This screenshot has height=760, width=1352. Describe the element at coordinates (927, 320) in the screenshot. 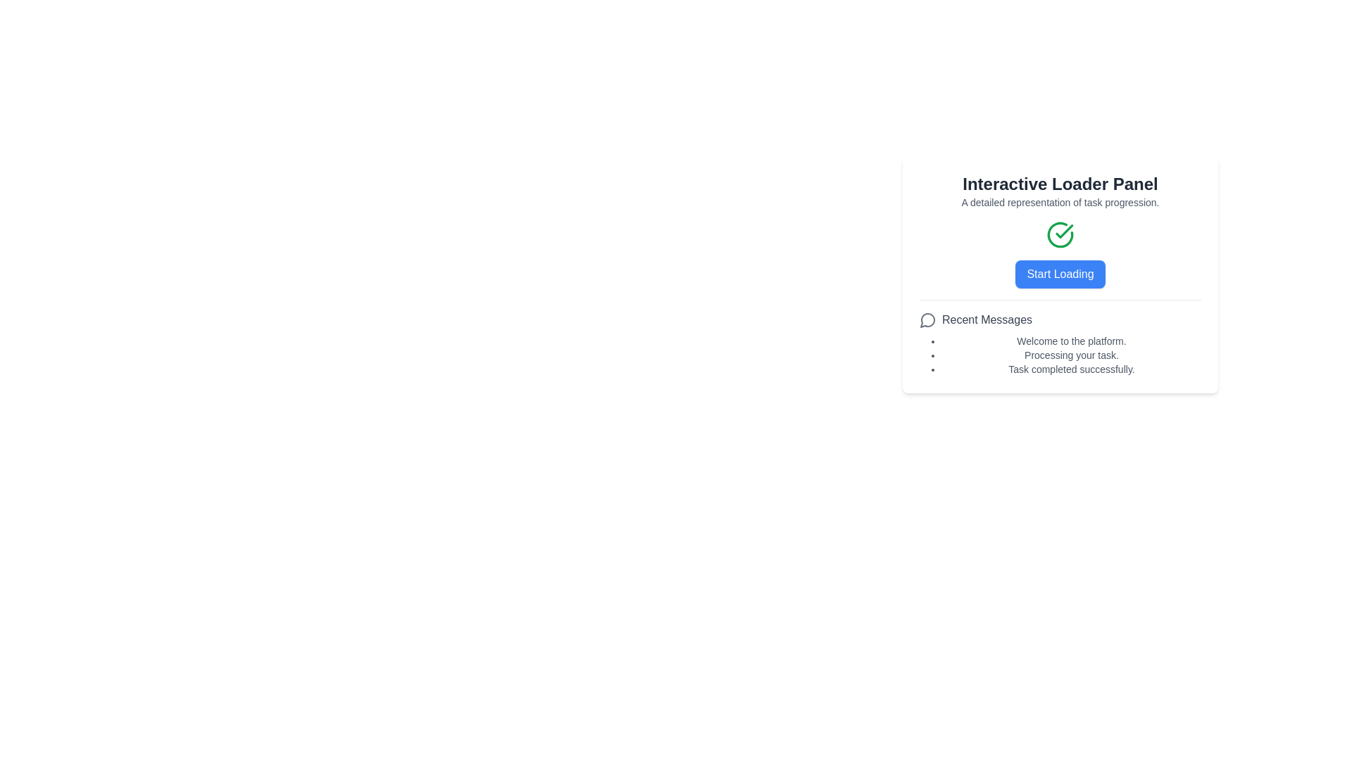

I see `the graphical icon associated with the 'Recent Messages' section to trigger the tooltip or focus effect` at that location.